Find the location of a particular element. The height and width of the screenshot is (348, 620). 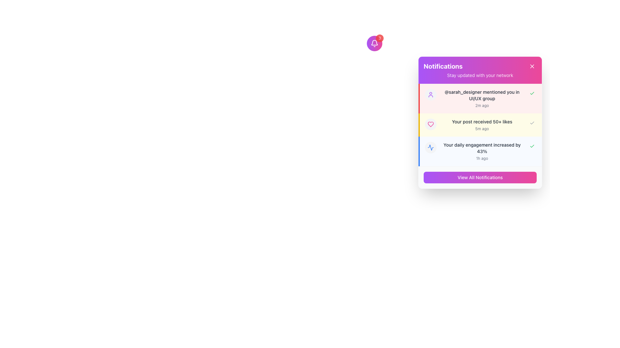

the completion indicator icon located in the lower-right area of the notifications panel, which signifies successful acknowledgment of a notification entry is located at coordinates (431, 148).